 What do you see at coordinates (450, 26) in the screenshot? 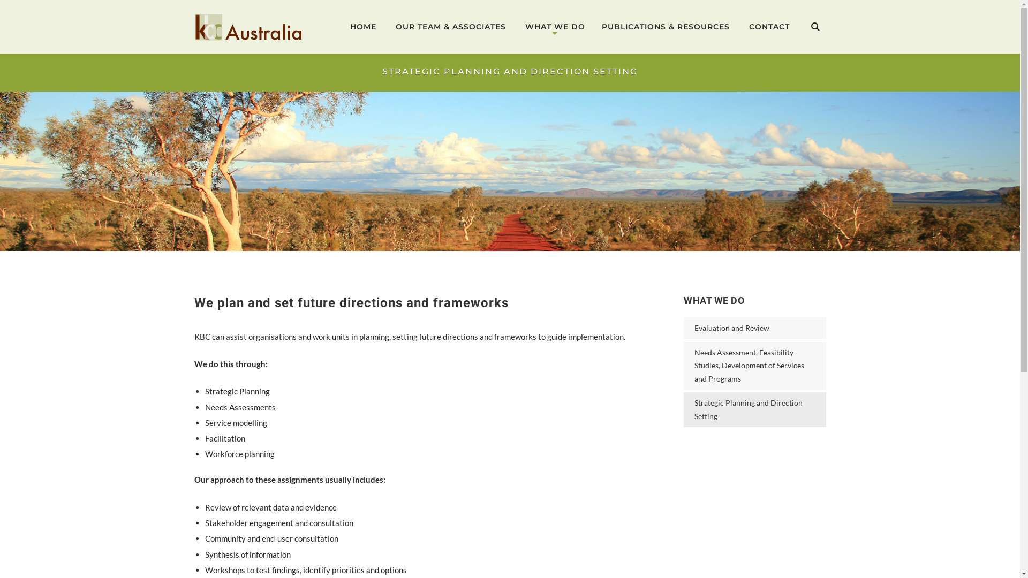
I see `'OUR TEAM & ASSOCIATES'` at bounding box center [450, 26].